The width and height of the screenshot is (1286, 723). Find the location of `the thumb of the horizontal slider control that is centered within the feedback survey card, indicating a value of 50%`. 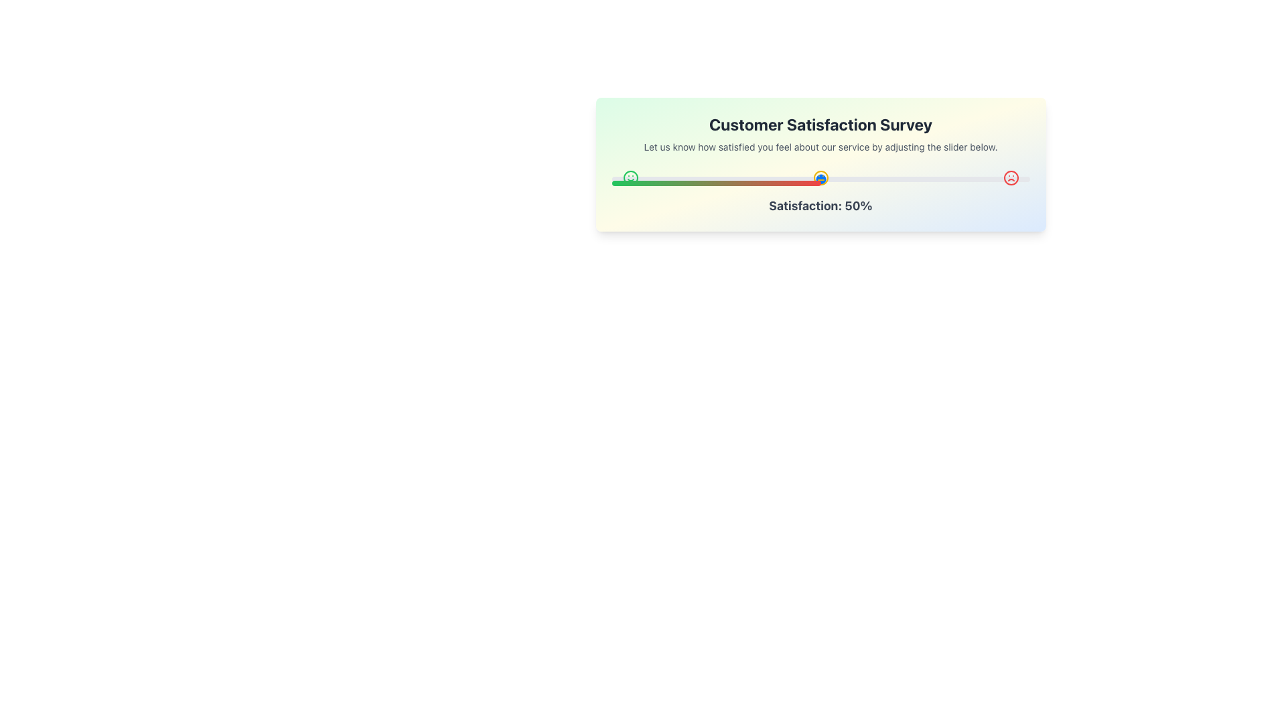

the thumb of the horizontal slider control that is centered within the feedback survey card, indicating a value of 50% is located at coordinates (820, 178).